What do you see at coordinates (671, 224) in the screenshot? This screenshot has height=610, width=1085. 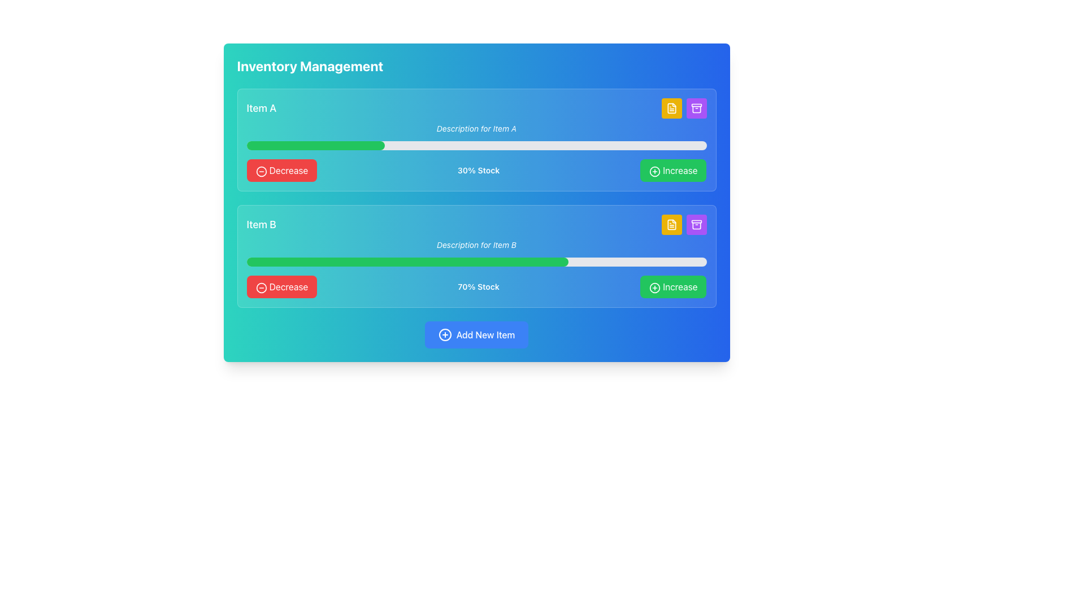 I see `the action button associated with Item B, located to the right of the green 'Increase' button and slightly below the progress bar` at bounding box center [671, 224].